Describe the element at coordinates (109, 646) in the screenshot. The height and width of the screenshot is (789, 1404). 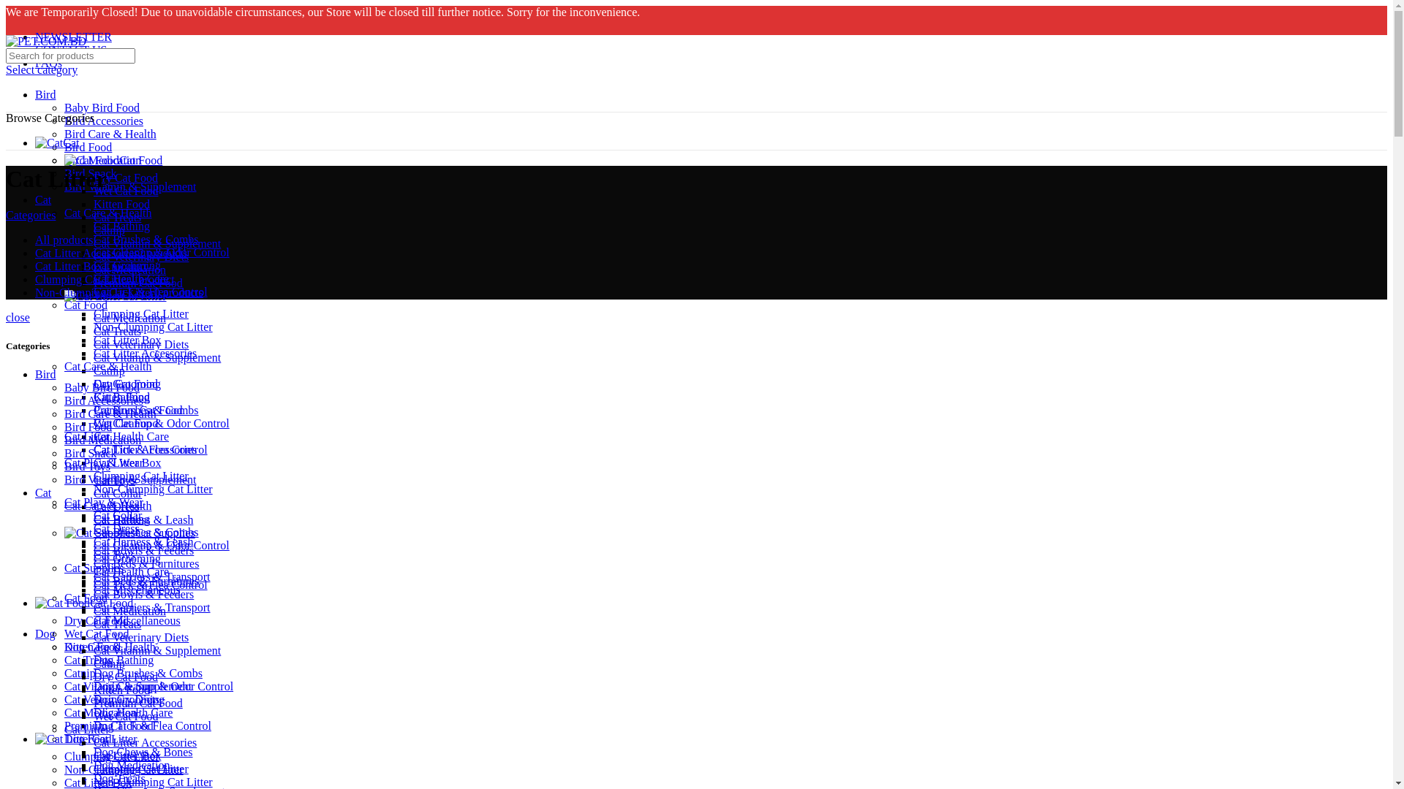
I see `'Dog Care & Health'` at that location.